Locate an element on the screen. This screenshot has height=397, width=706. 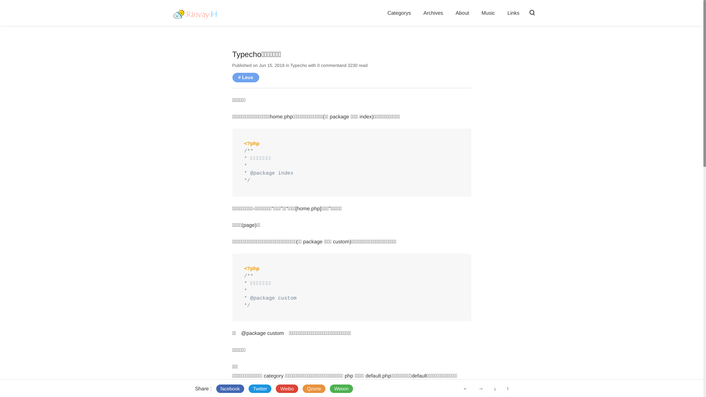
'Links' is located at coordinates (513, 12).